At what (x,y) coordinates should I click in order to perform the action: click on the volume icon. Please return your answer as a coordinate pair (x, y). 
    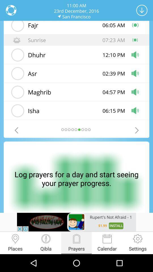
    Looking at the image, I should click on (135, 73).